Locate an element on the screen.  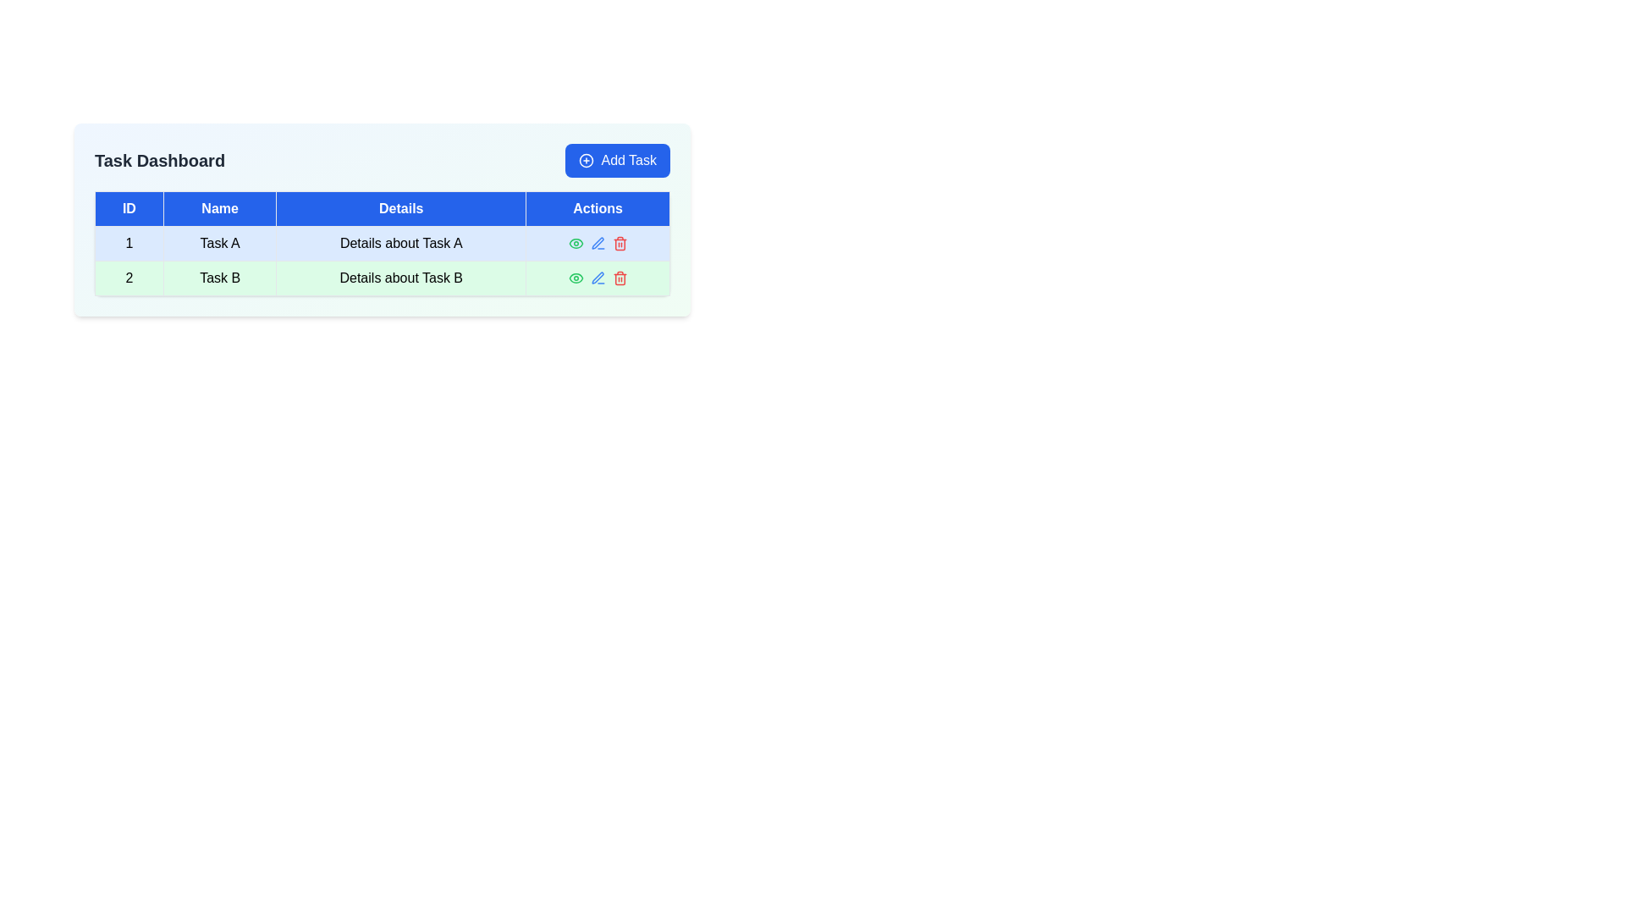
the table cell displaying the ID number of the first task, located in the first column of the first row is located at coordinates (128, 244).